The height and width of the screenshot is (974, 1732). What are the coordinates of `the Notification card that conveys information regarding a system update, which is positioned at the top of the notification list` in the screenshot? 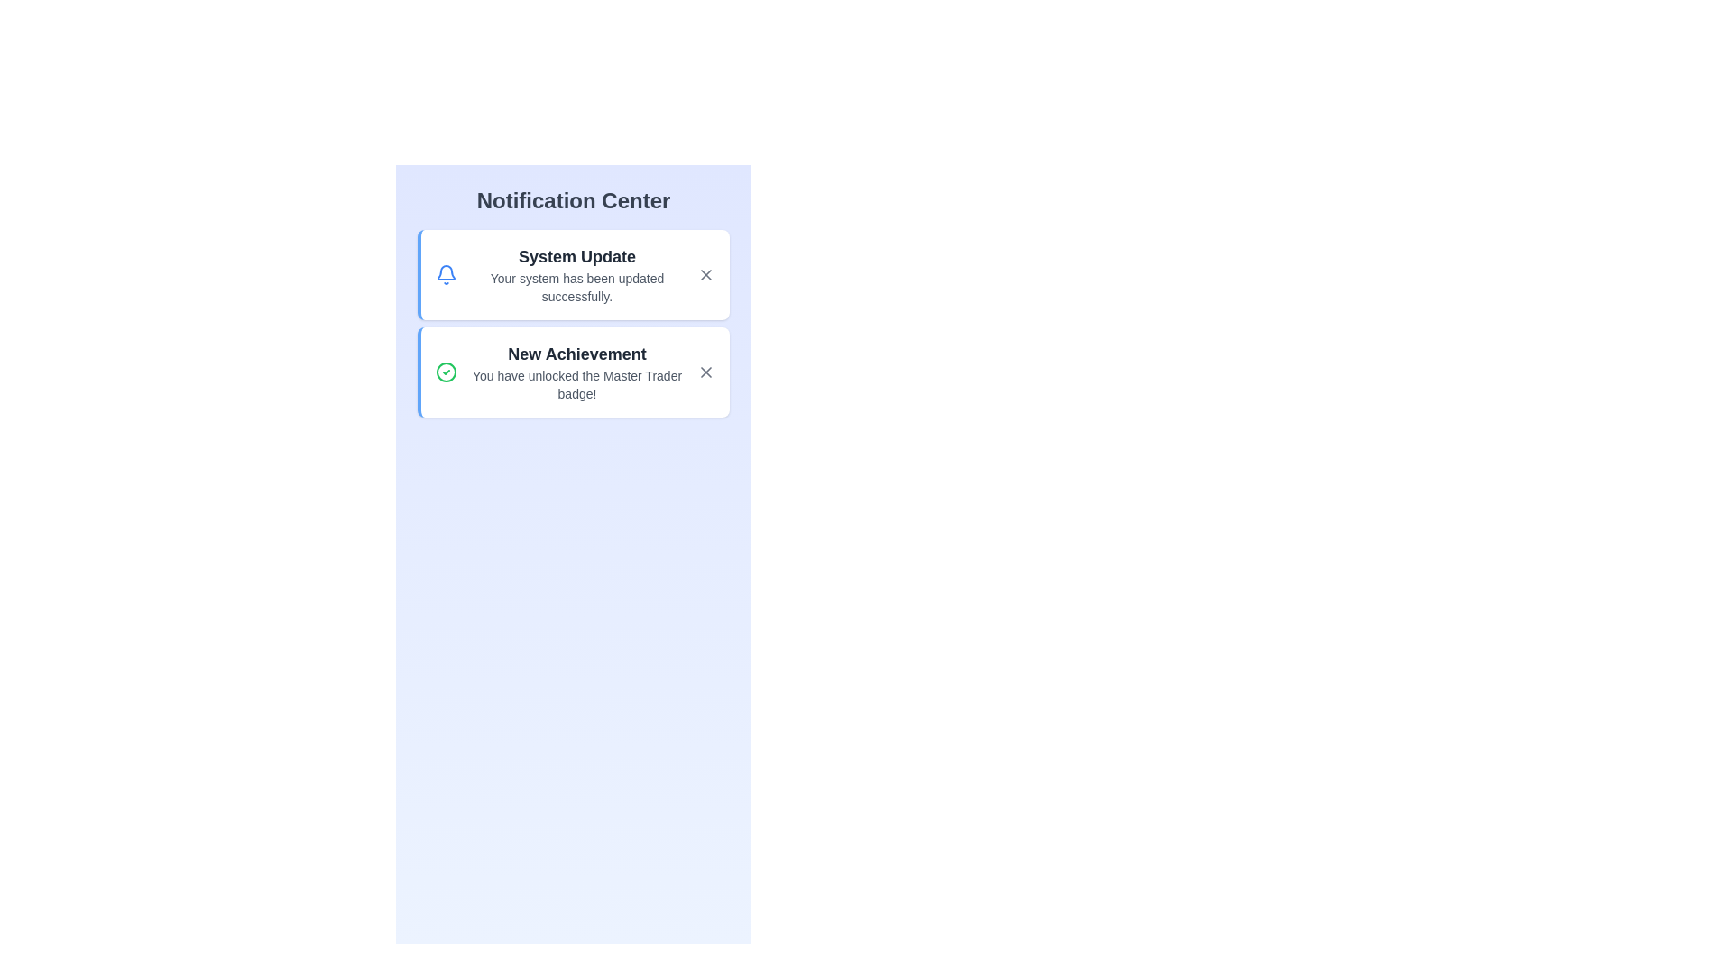 It's located at (572, 274).